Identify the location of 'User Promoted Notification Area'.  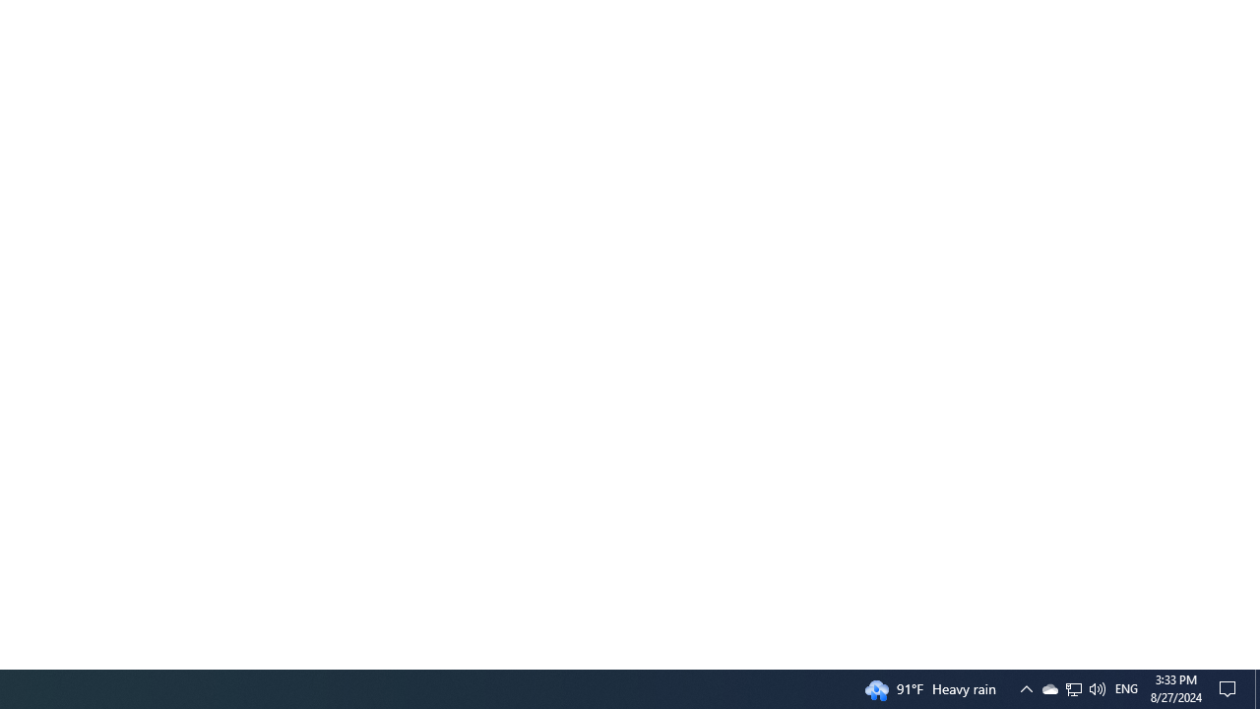
(1072, 687).